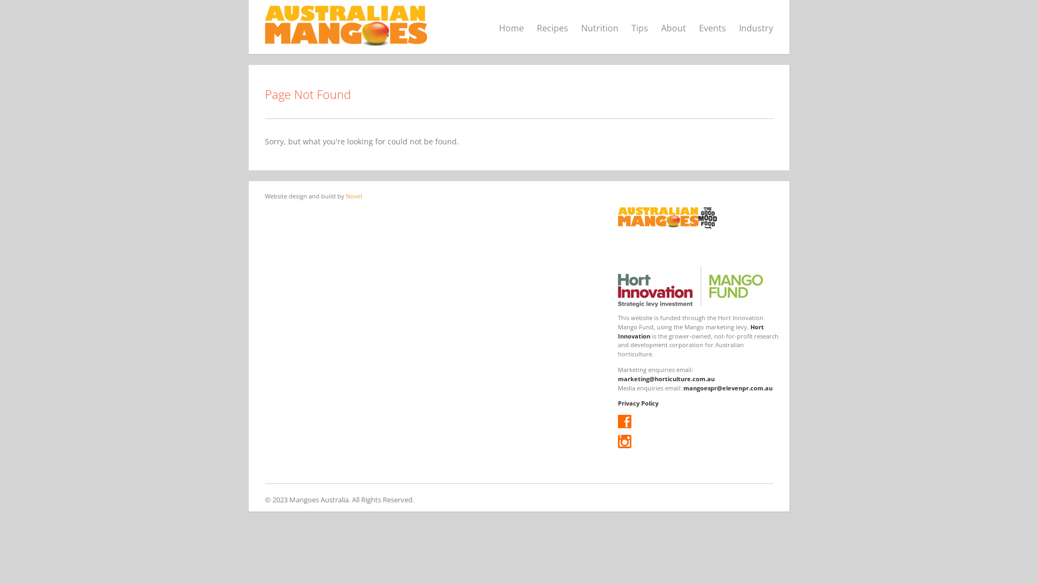 This screenshot has width=1038, height=584. Describe the element at coordinates (354, 196) in the screenshot. I see `'Novel'` at that location.